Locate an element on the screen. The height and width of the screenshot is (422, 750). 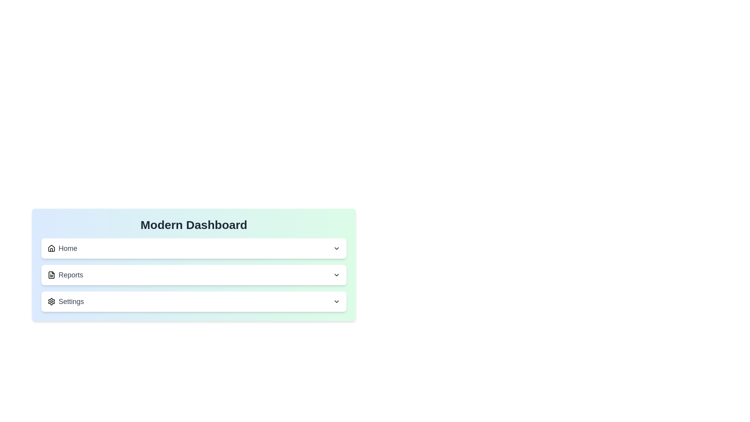
the Menu section or dropdown trigger located directly below the 'Modern Dashboard' title is located at coordinates (194, 249).